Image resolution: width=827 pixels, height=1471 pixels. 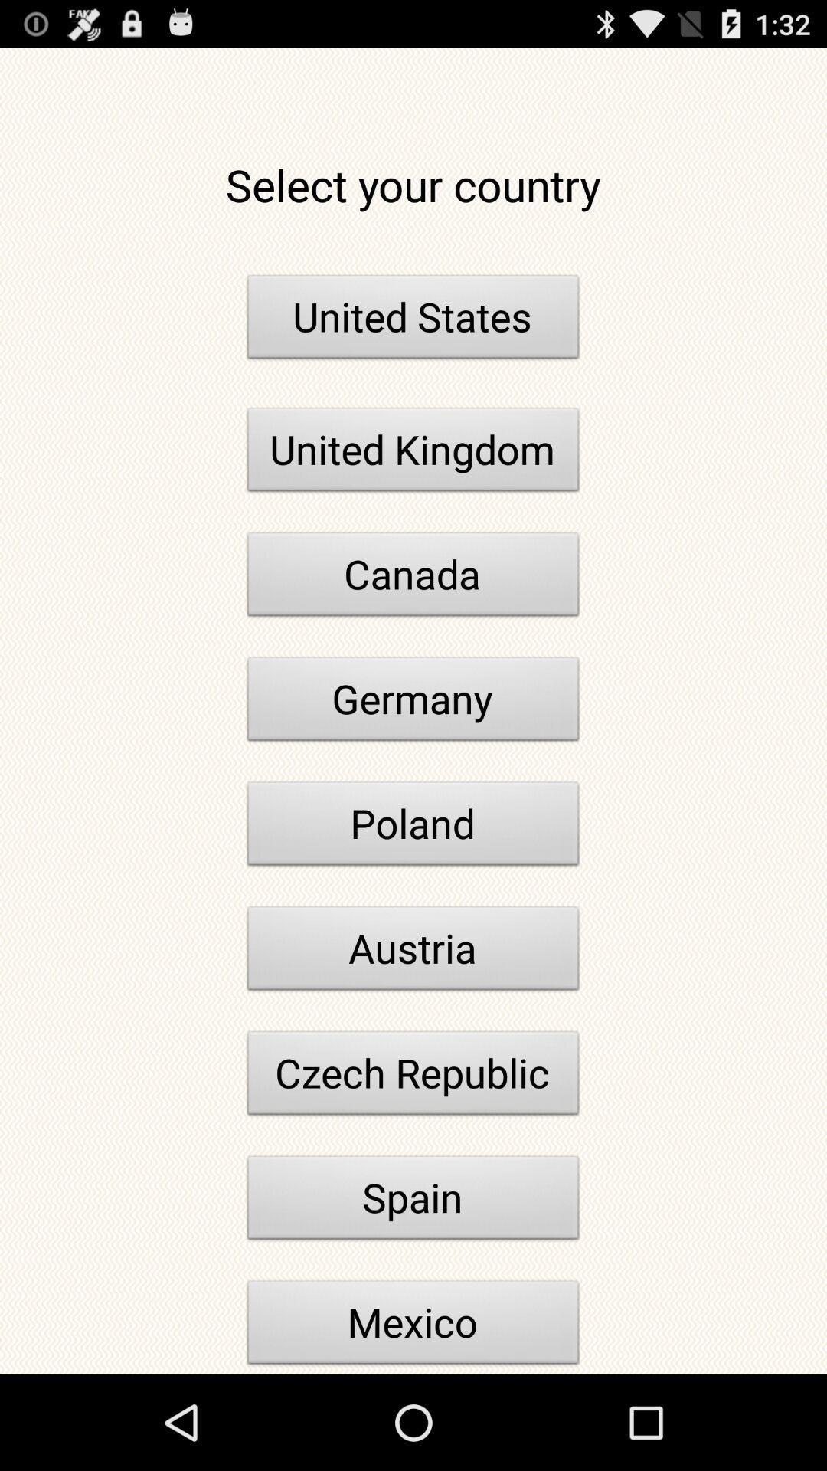 What do you see at coordinates (413, 320) in the screenshot?
I see `the button above united kingdom item` at bounding box center [413, 320].